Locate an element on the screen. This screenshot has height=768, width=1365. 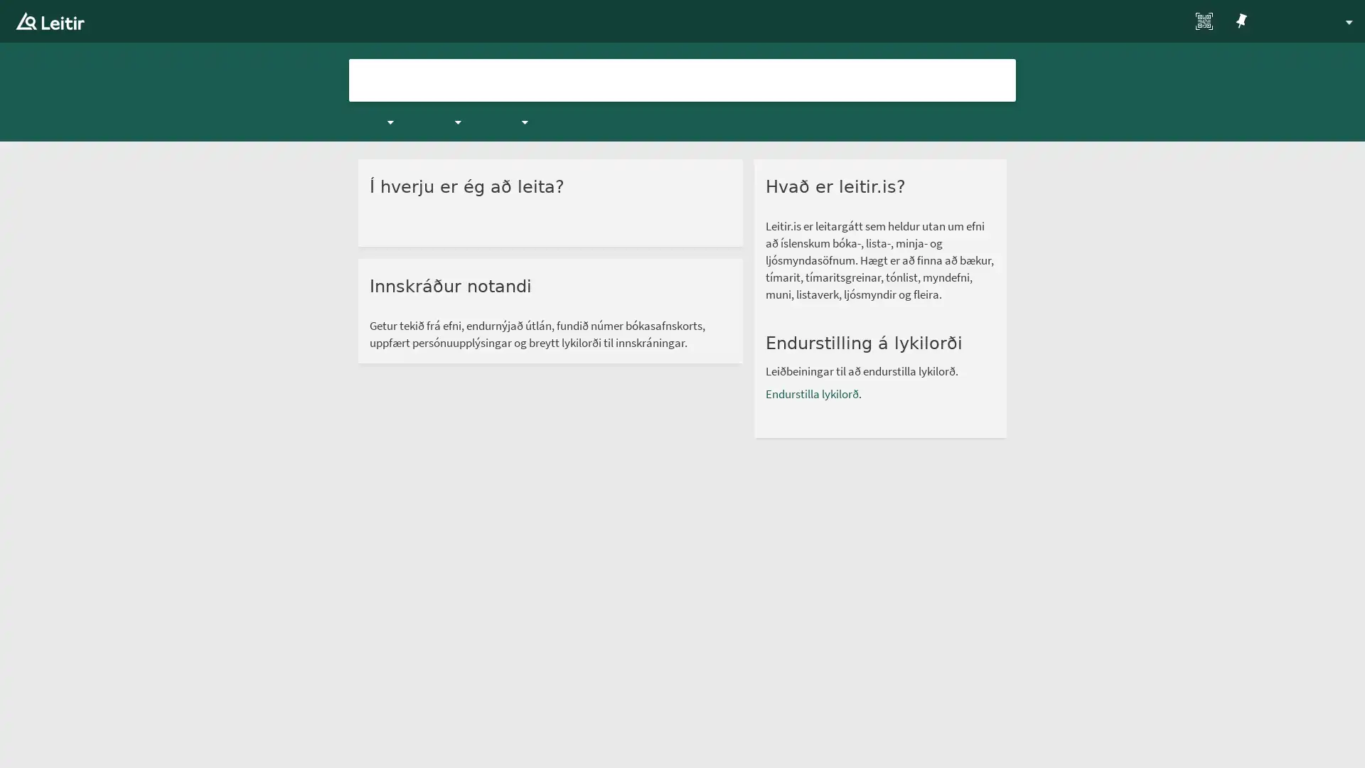
qr is located at coordinates (1166, 21).